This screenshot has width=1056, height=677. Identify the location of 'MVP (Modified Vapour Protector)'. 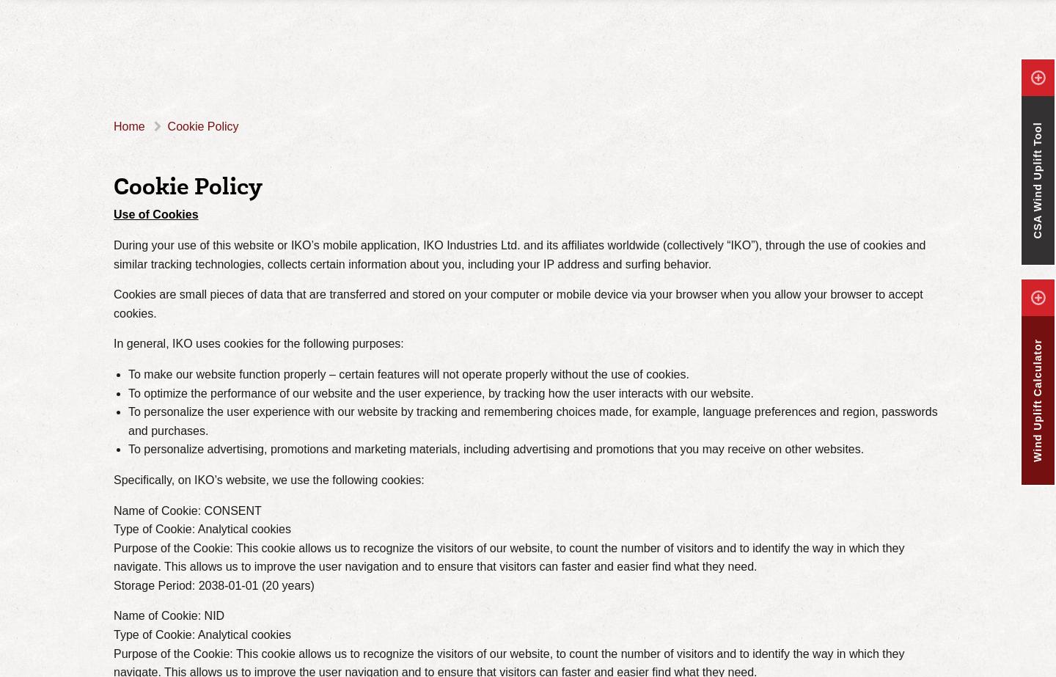
(741, 29).